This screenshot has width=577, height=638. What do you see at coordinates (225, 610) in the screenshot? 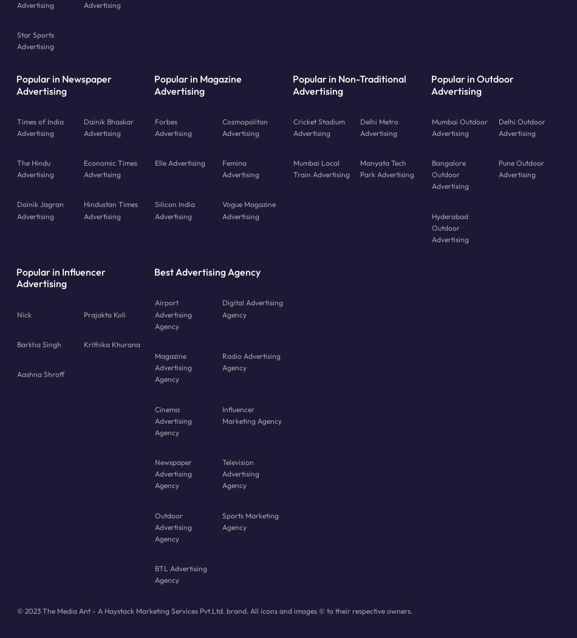
I see `'The Media Ant - A Haystack Marketing Services Pvt.Ltd. brand. All icons and images © to their respective owners.'` at bounding box center [225, 610].